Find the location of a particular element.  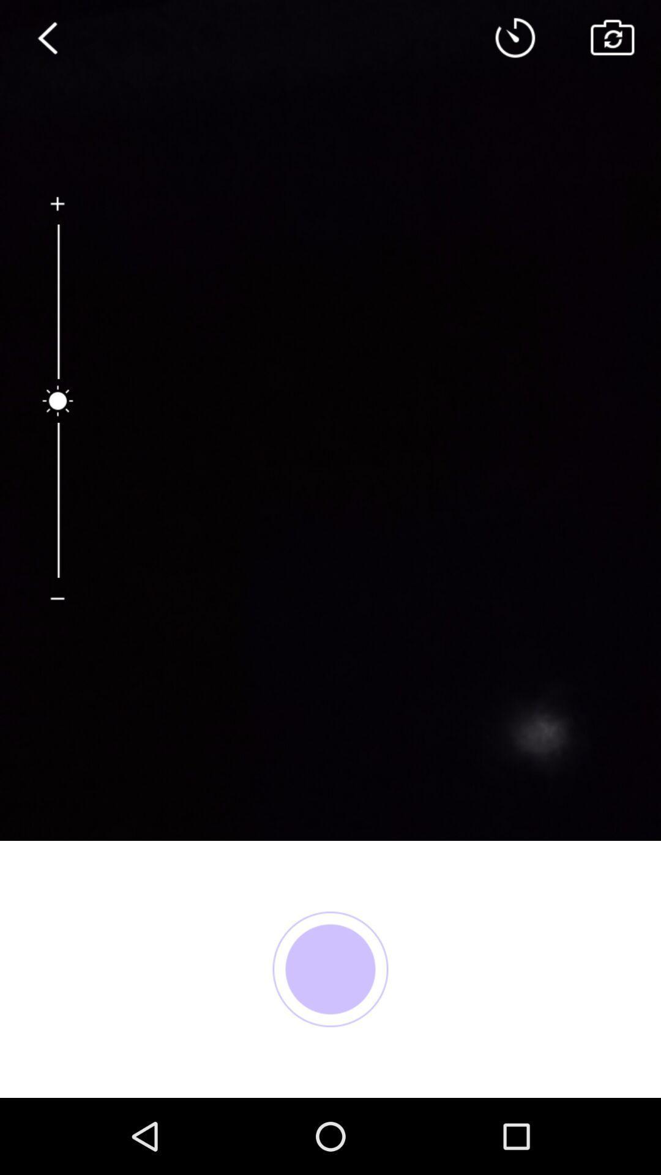

the arrow_backward icon is located at coordinates (48, 41).